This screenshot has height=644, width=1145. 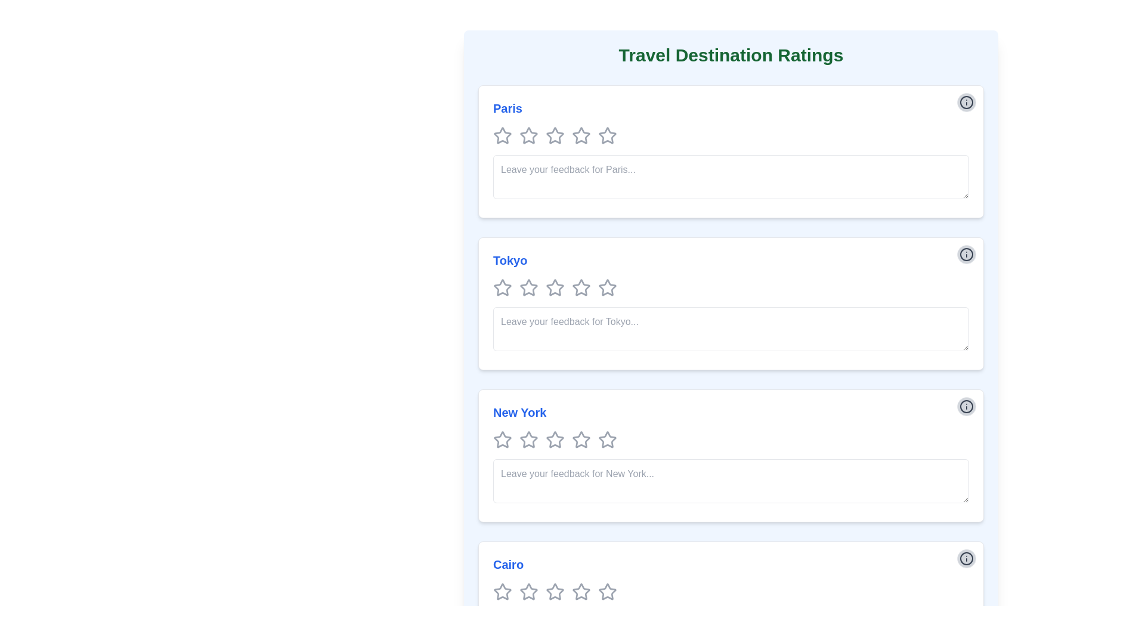 I want to click on the third rating star icon, so click(x=607, y=439).